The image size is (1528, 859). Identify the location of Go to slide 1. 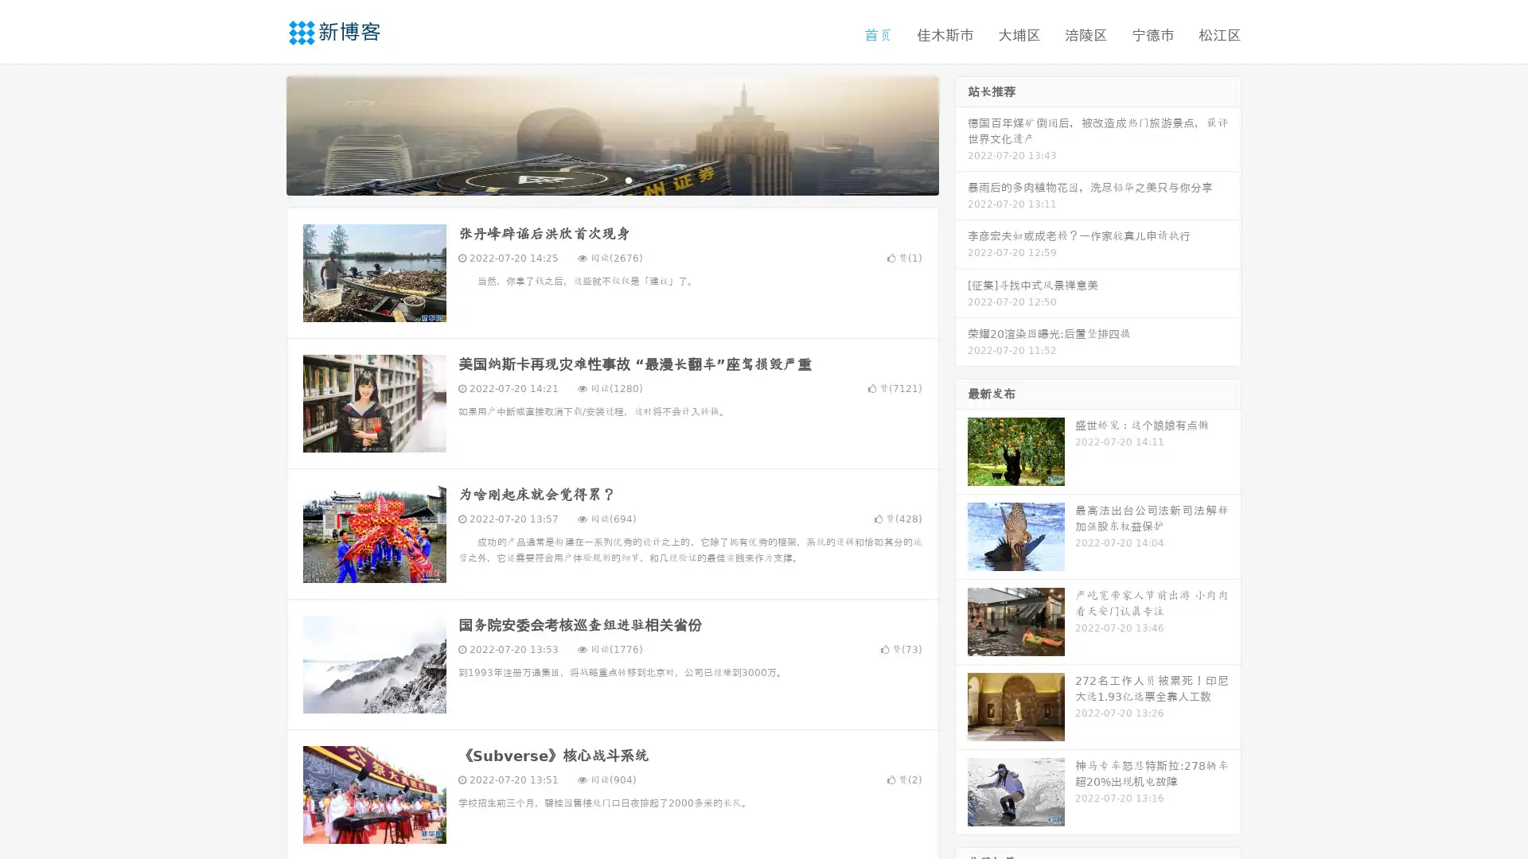
(595, 179).